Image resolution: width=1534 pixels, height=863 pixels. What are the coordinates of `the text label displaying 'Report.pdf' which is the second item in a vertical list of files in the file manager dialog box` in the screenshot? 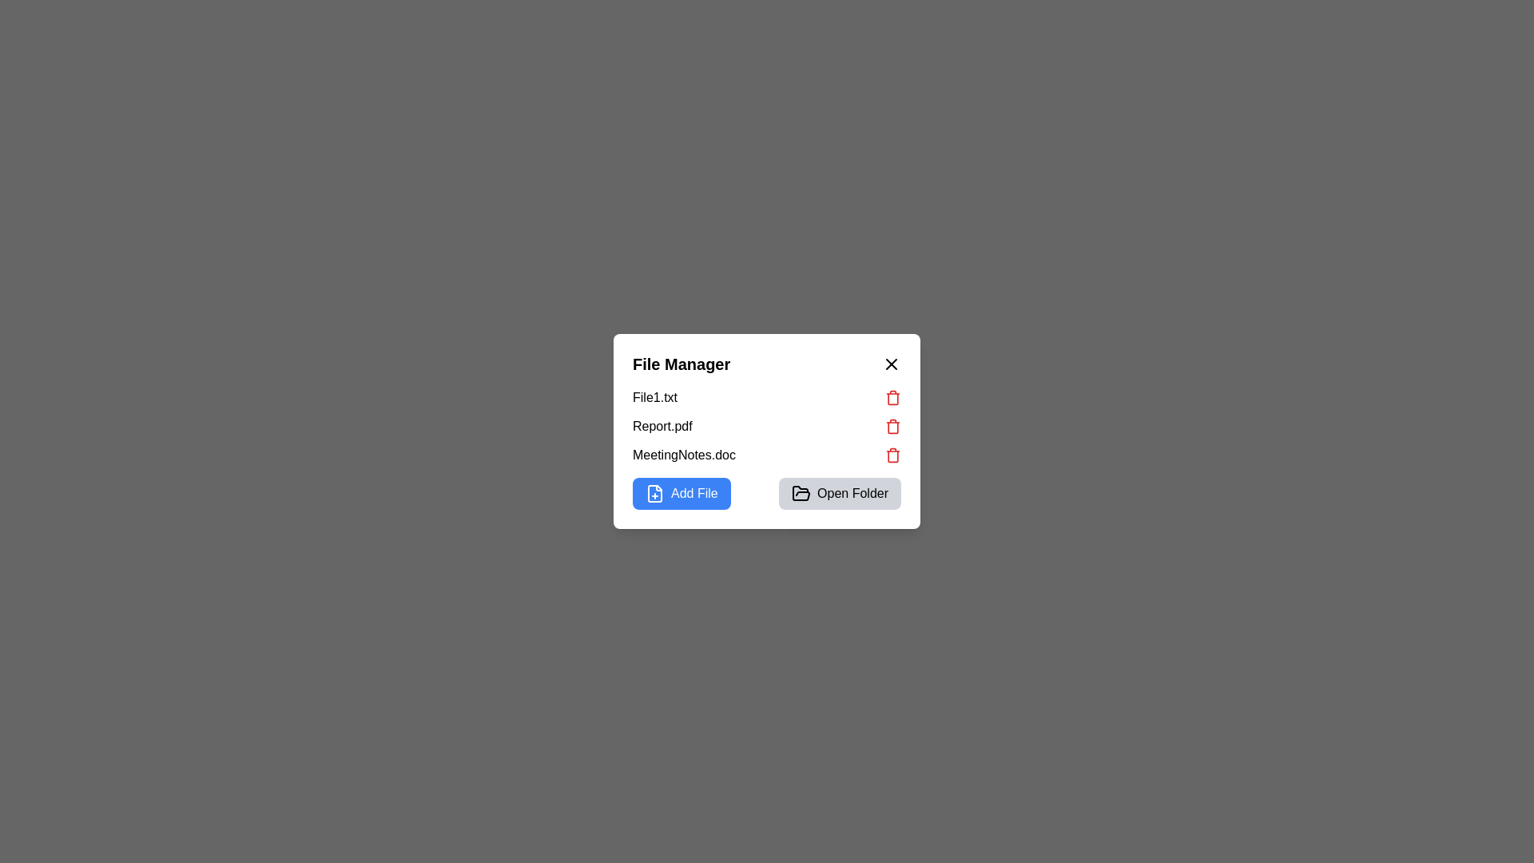 It's located at (662, 425).